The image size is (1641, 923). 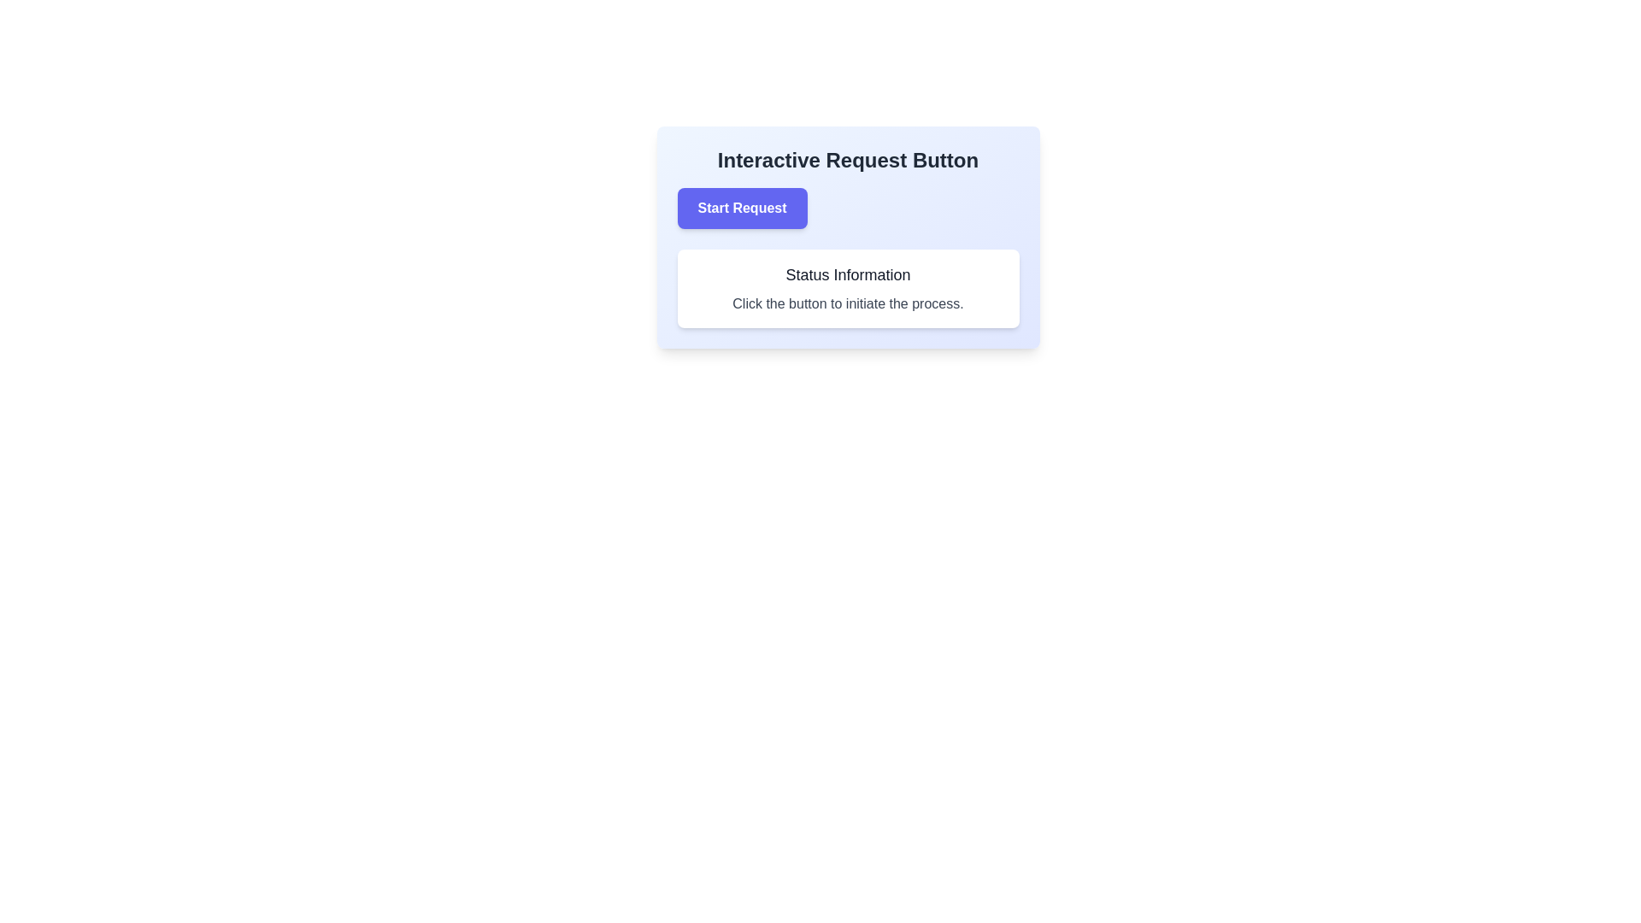 What do you see at coordinates (848, 161) in the screenshot?
I see `the Text label or heading at the top of the card layout, which serves as a title for the section beneath it` at bounding box center [848, 161].